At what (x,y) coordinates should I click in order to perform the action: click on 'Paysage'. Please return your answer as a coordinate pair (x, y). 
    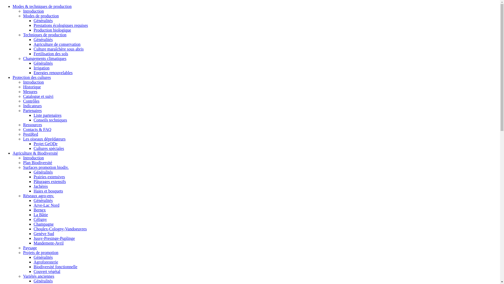
    Looking at the image, I should click on (23, 248).